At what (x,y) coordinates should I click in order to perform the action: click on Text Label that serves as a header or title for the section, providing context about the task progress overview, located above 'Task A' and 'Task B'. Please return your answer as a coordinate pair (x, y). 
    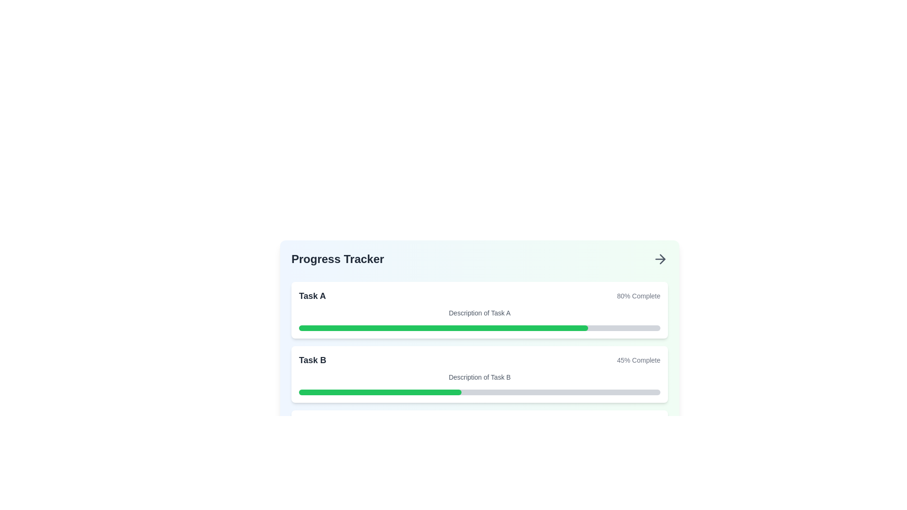
    Looking at the image, I should click on (338, 259).